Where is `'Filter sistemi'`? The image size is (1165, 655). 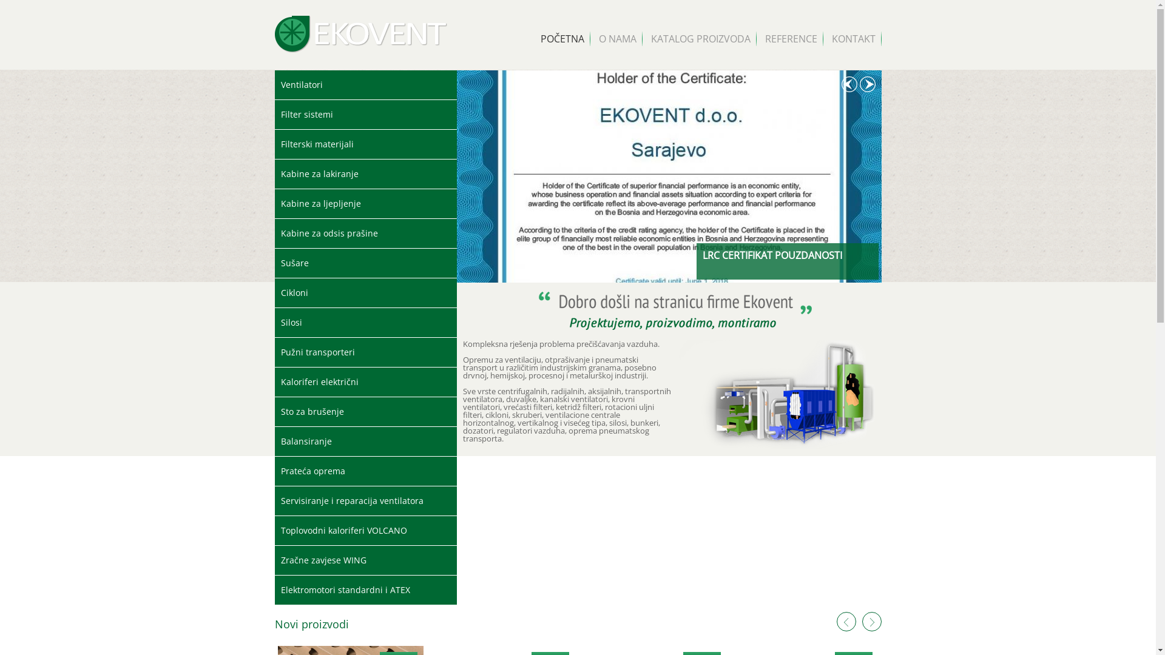 'Filter sistemi' is located at coordinates (364, 115).